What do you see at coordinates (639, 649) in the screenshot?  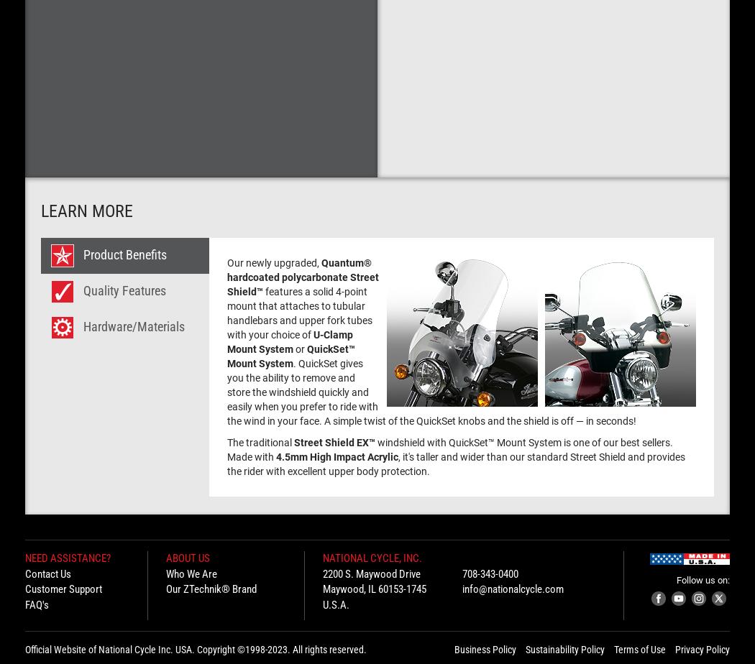 I see `'Terms of Use'` at bounding box center [639, 649].